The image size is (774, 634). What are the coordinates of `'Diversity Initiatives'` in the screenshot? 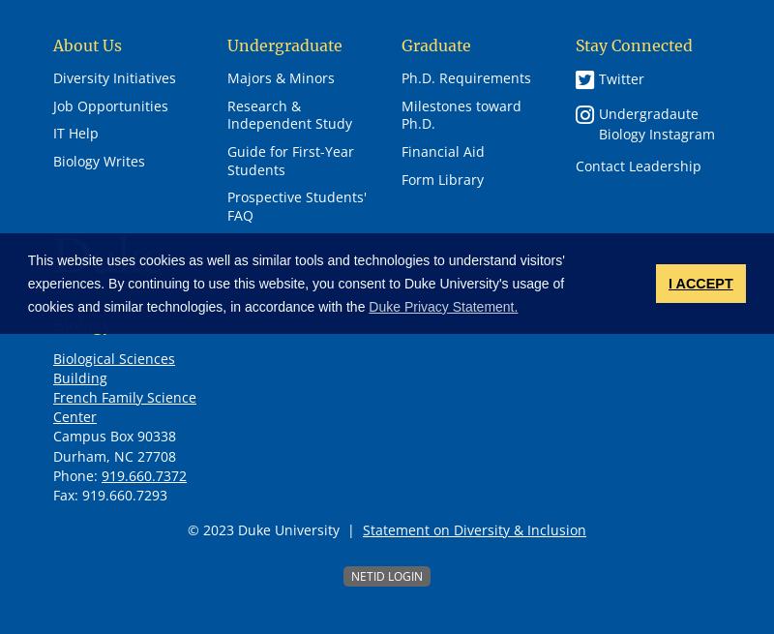 It's located at (52, 75).